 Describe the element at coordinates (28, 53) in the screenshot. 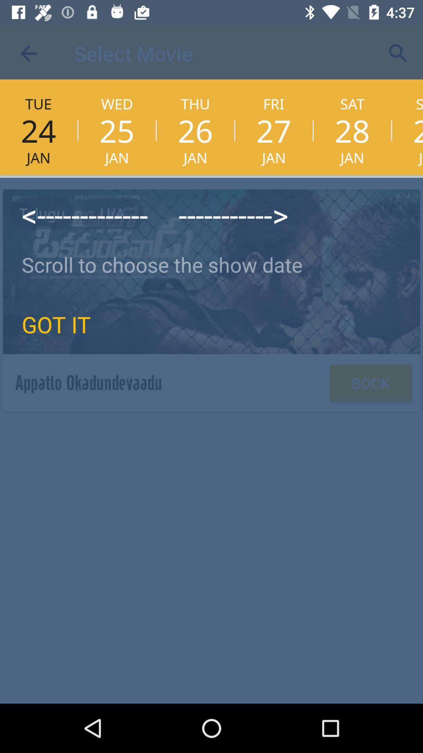

I see `the item above the tue item` at that location.